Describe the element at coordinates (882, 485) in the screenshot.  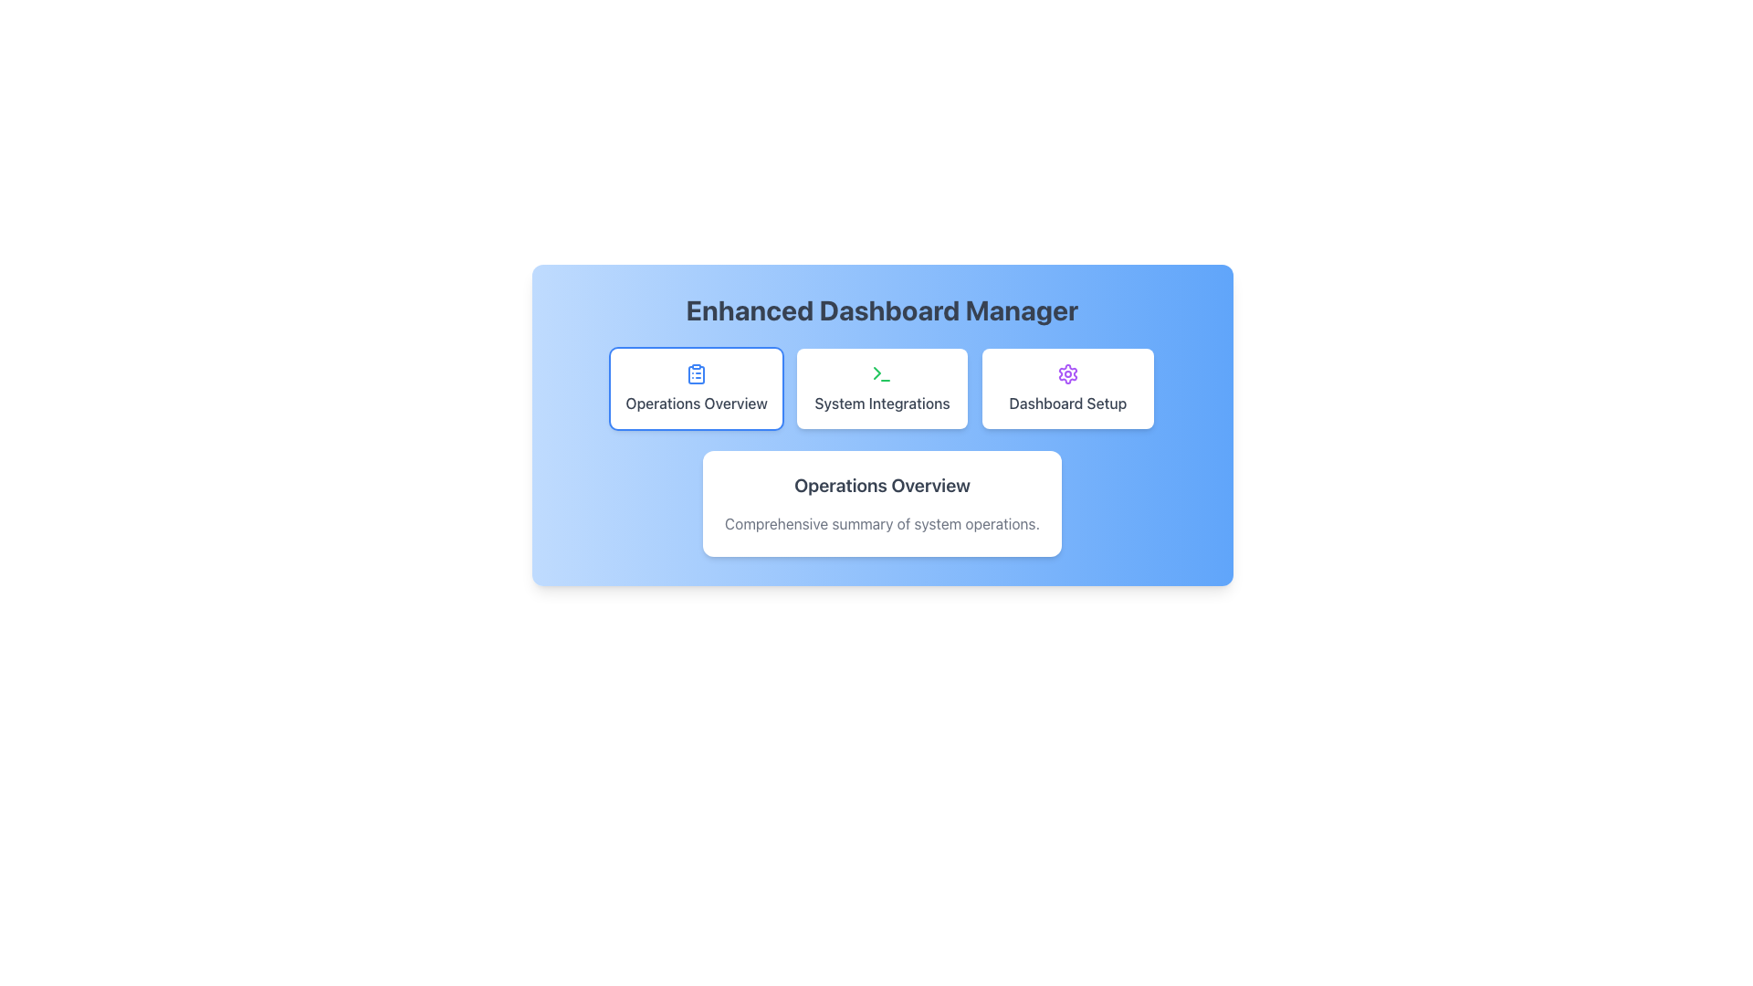
I see `the static text label displaying 'Operations Overview' which is centrally positioned in the card layout of the Enhanced Dashboard Manager interface` at that location.